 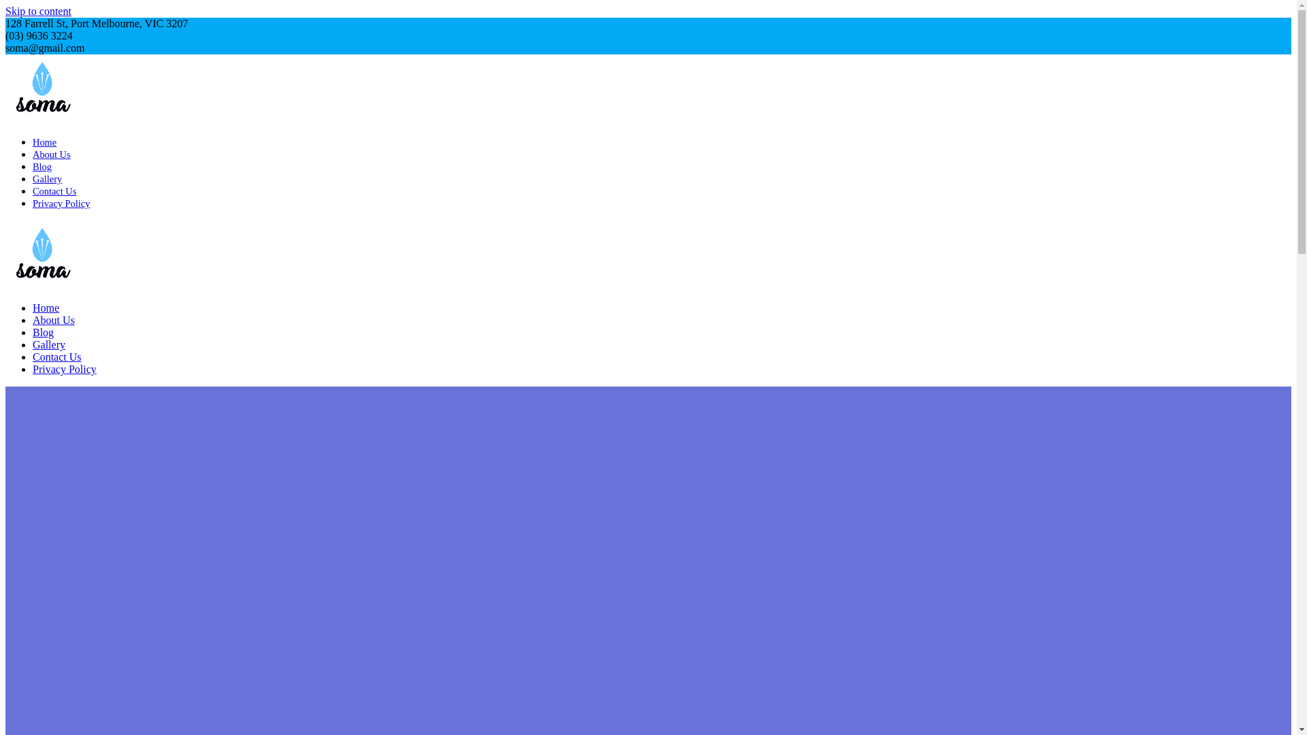 What do you see at coordinates (46, 308) in the screenshot?
I see `'Home'` at bounding box center [46, 308].